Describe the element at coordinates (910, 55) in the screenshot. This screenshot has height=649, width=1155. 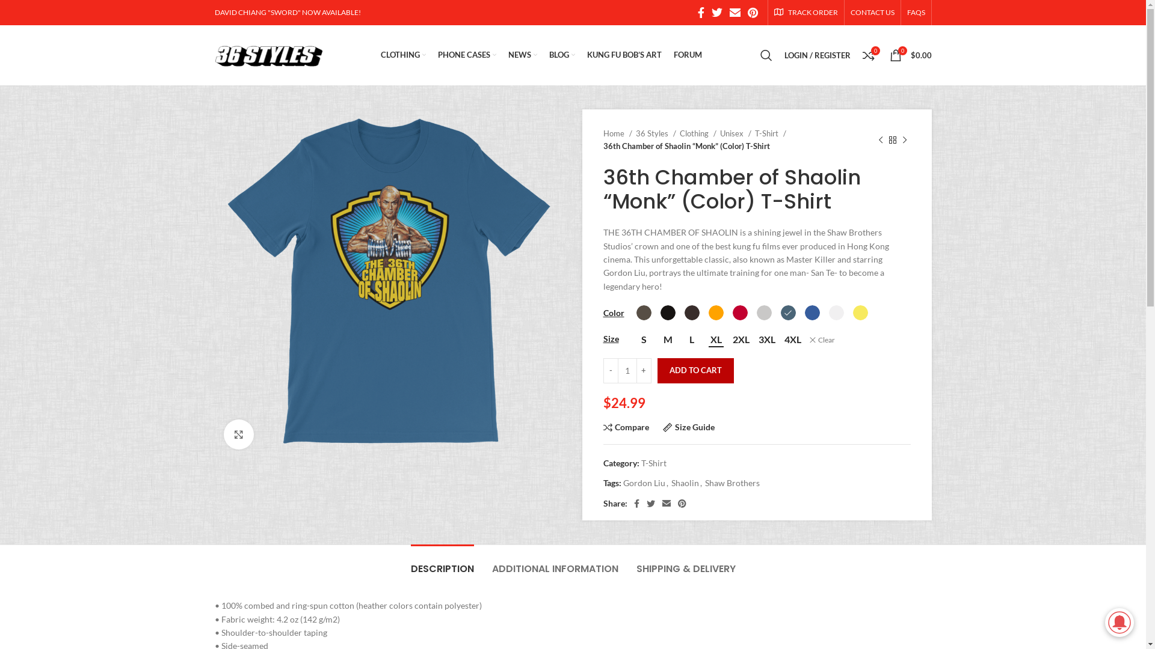
I see `'0` at that location.